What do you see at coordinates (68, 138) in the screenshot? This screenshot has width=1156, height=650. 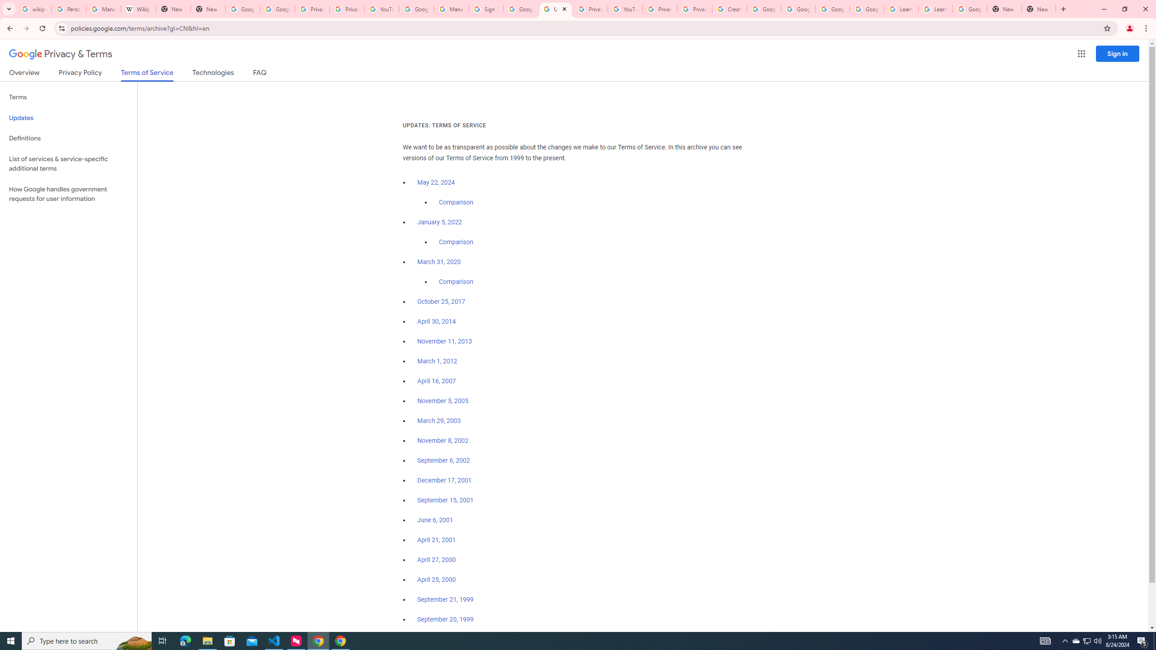 I see `'Definitions'` at bounding box center [68, 138].